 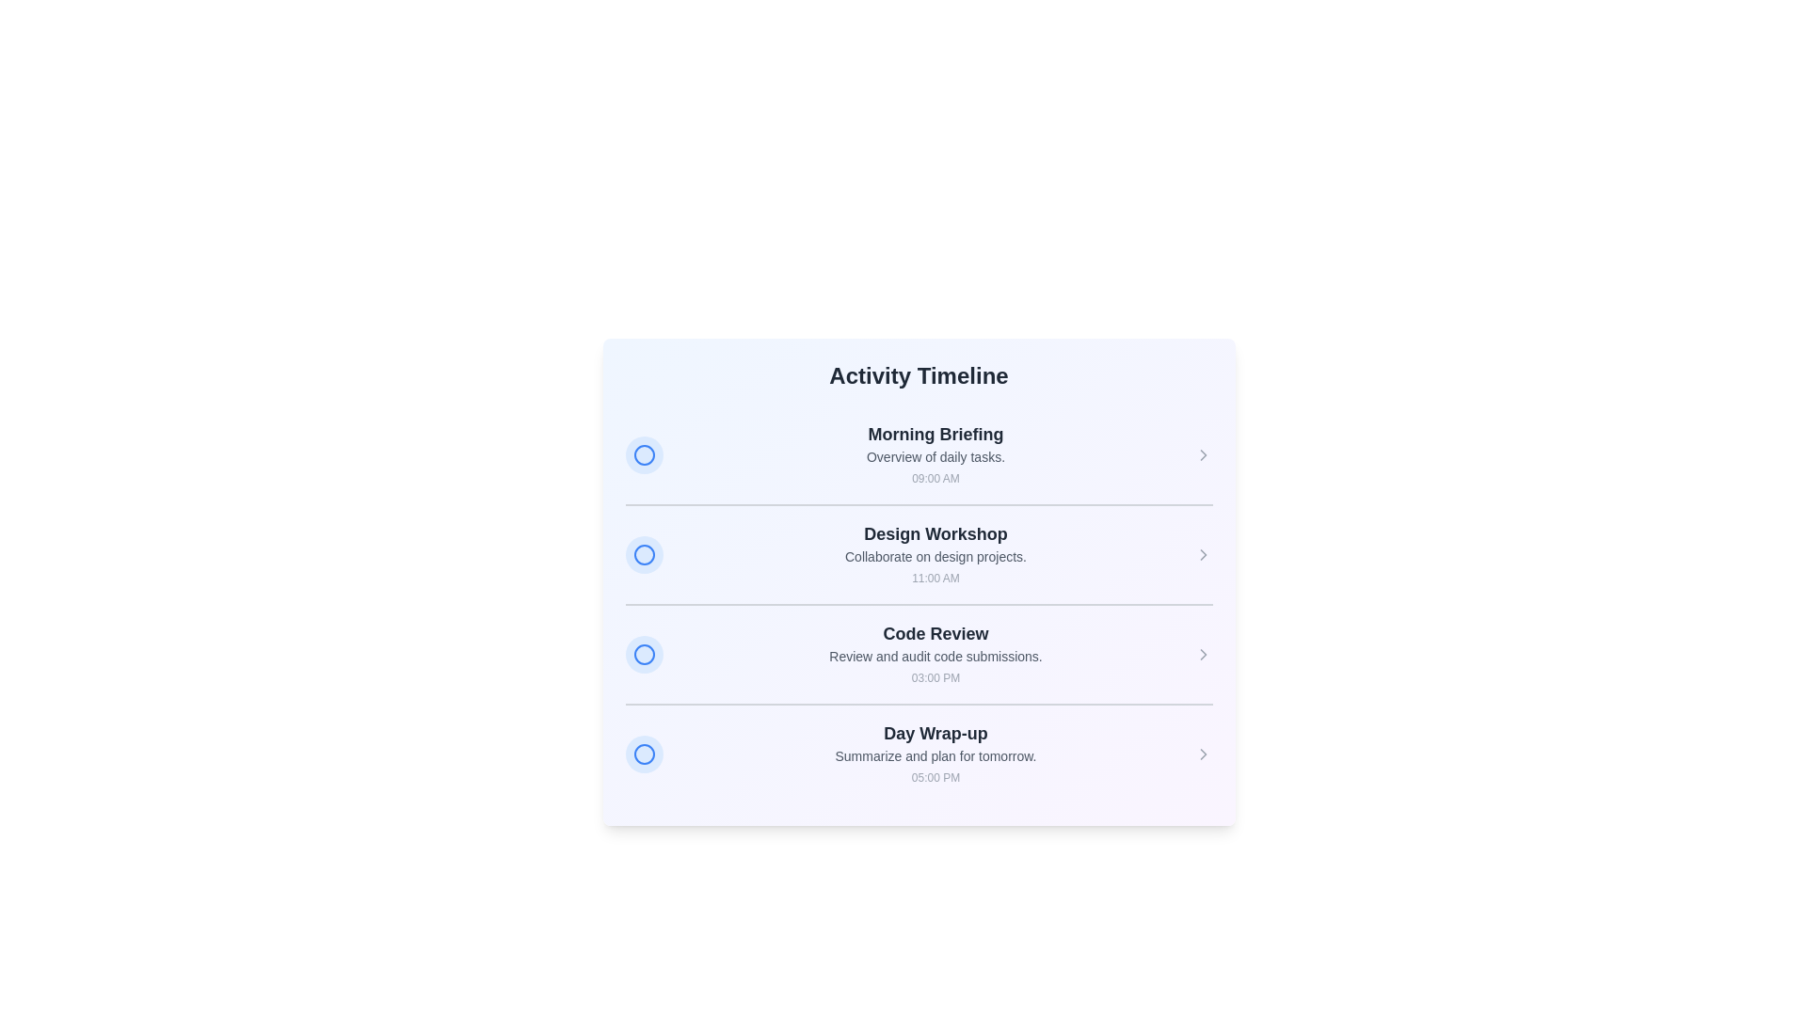 What do you see at coordinates (919, 454) in the screenshot?
I see `the first item in the 'Activity Timeline' list representing the 'Morning Briefing' task` at bounding box center [919, 454].